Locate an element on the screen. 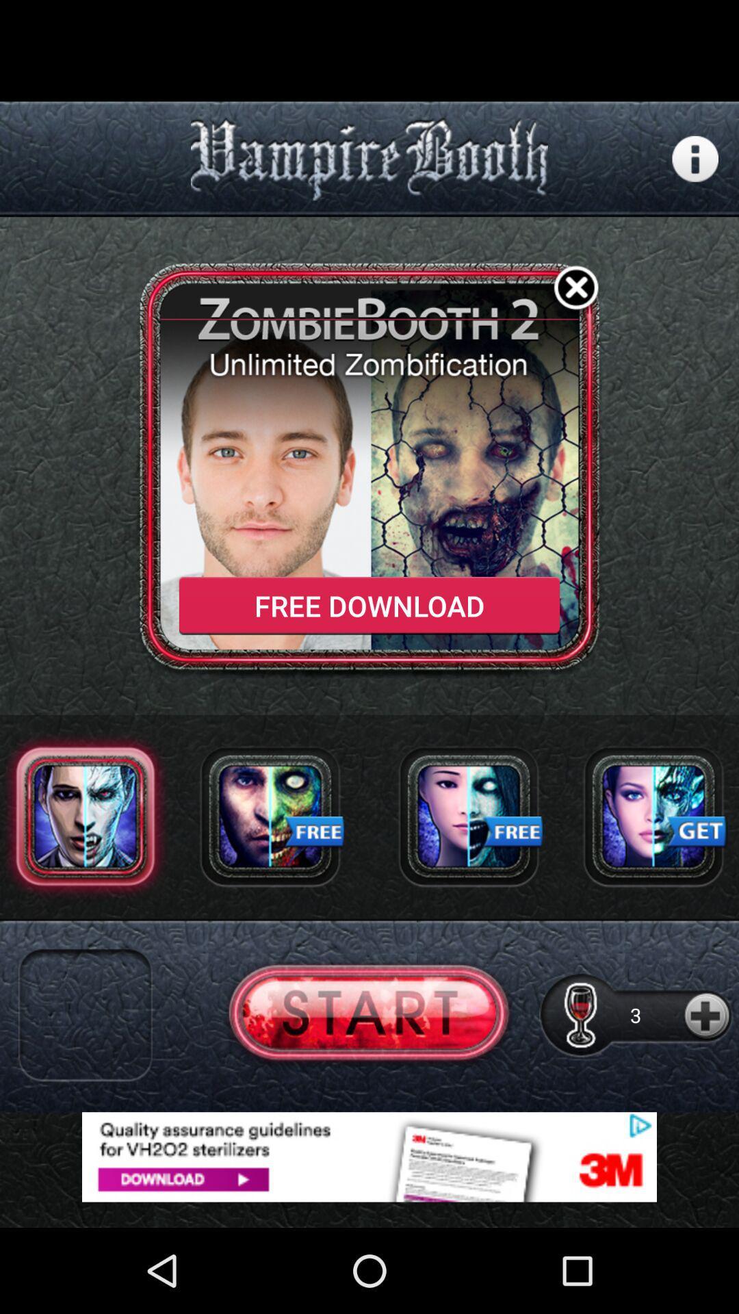  empty box is located at coordinates (85, 1015).